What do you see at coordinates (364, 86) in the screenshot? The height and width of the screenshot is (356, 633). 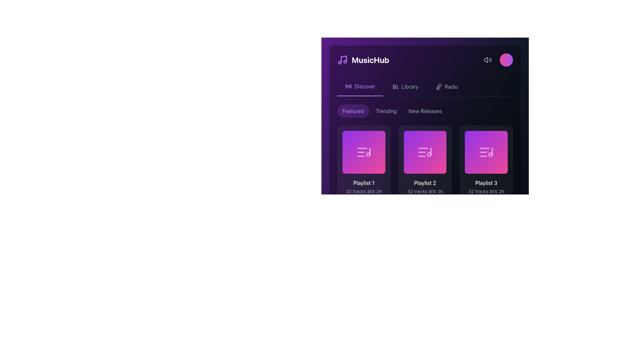 I see `the 'Discover' navigation label` at bounding box center [364, 86].